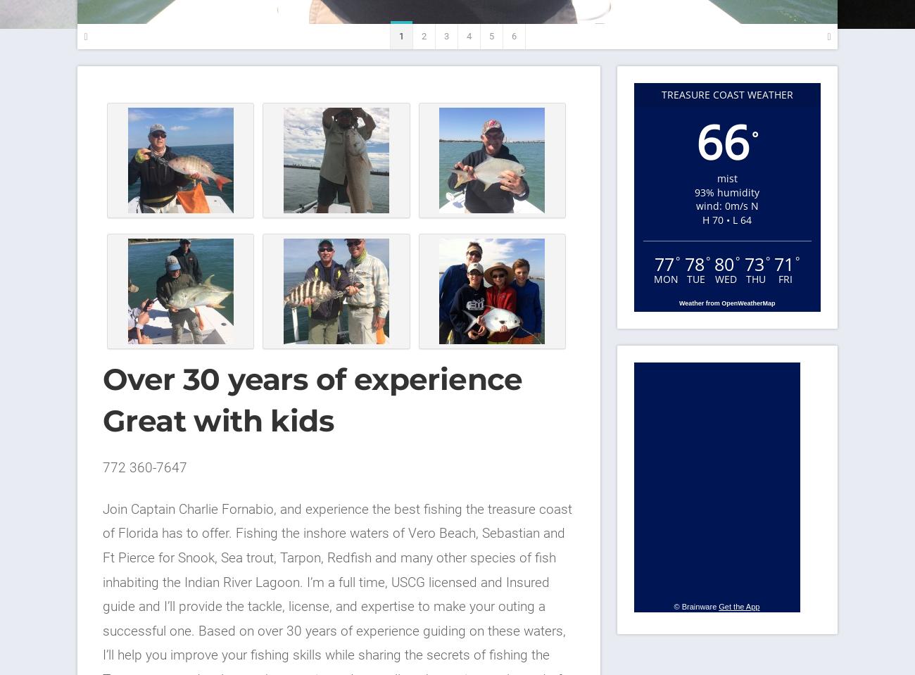  Describe the element at coordinates (686, 278) in the screenshot. I see `'Tue'` at that location.